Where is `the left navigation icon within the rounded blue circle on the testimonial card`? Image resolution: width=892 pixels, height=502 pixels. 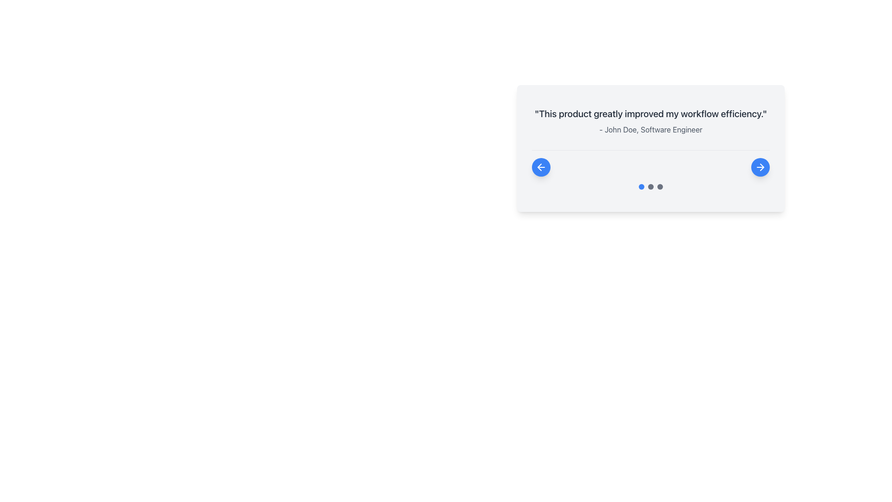 the left navigation icon within the rounded blue circle on the testimonial card is located at coordinates (541, 166).